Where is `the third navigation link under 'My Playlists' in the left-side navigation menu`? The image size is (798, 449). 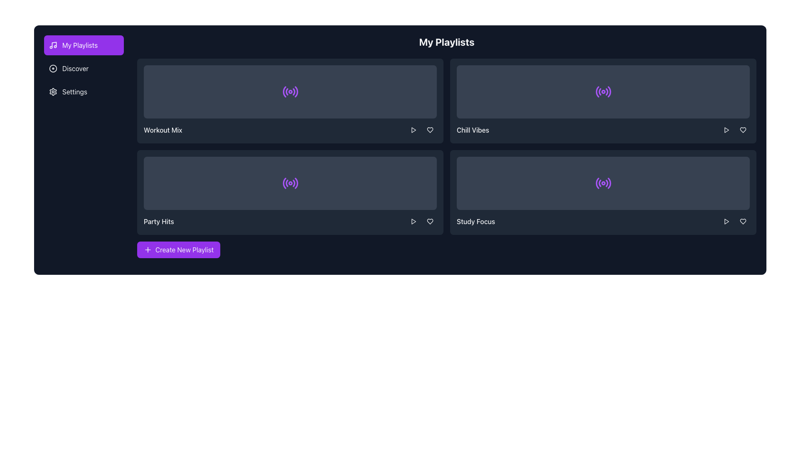
the third navigation link under 'My Playlists' in the left-side navigation menu is located at coordinates (84, 91).